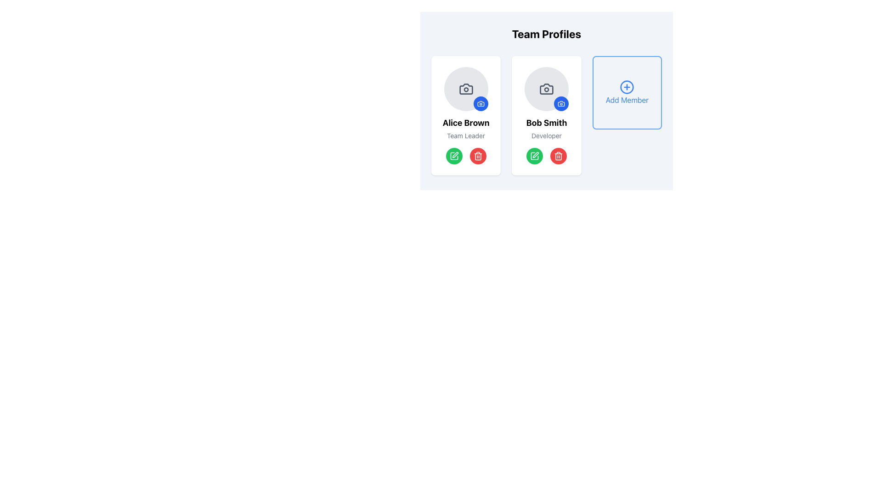 The image size is (882, 496). Describe the element at coordinates (558, 155) in the screenshot. I see `the delete button located in the bottom-right corner of Bob Smith's profile card` at that location.